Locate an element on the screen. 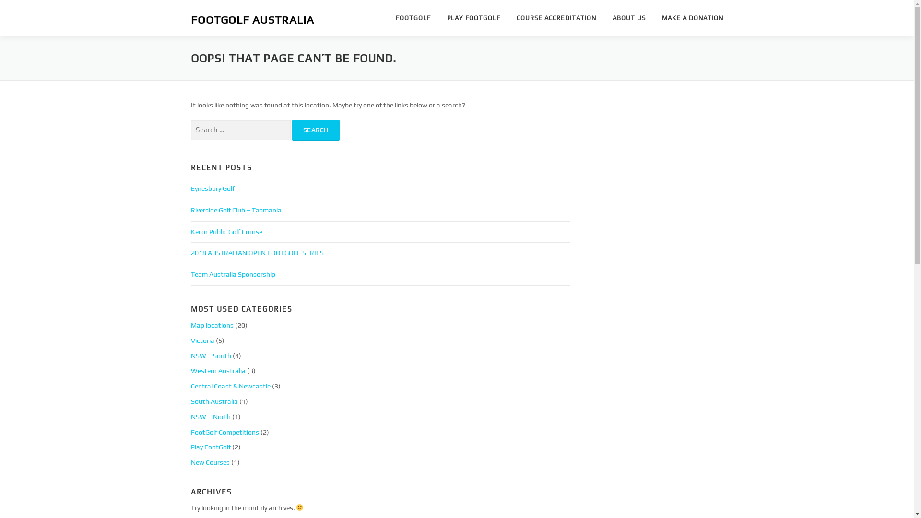  'Eynesbury Golf' is located at coordinates (212, 188).